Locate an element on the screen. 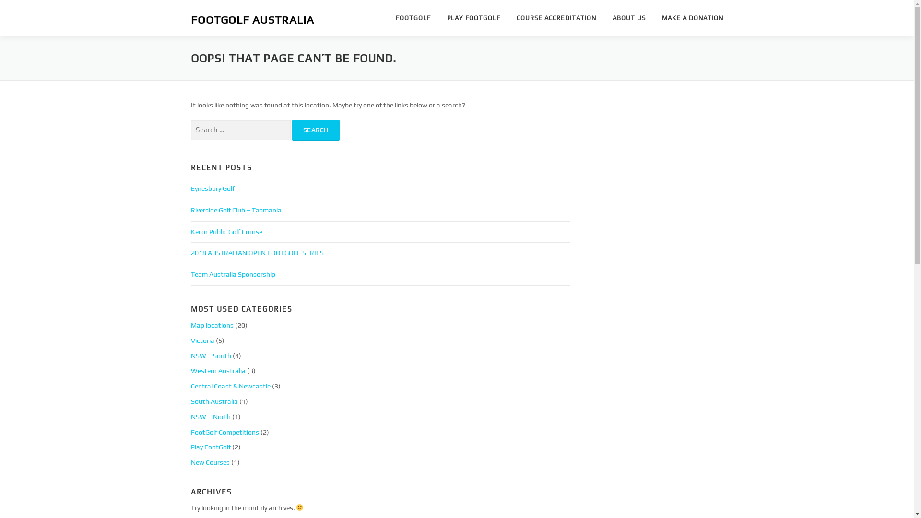  'Eynesbury Golf' is located at coordinates (212, 188).